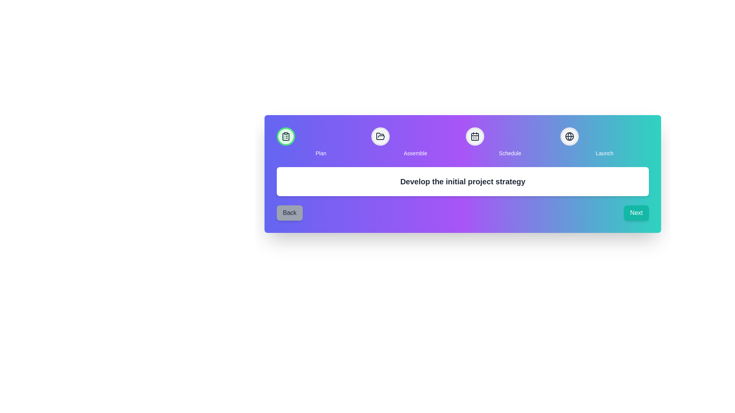 The width and height of the screenshot is (735, 413). Describe the element at coordinates (475, 136) in the screenshot. I see `the step Schedule to interact with it` at that location.